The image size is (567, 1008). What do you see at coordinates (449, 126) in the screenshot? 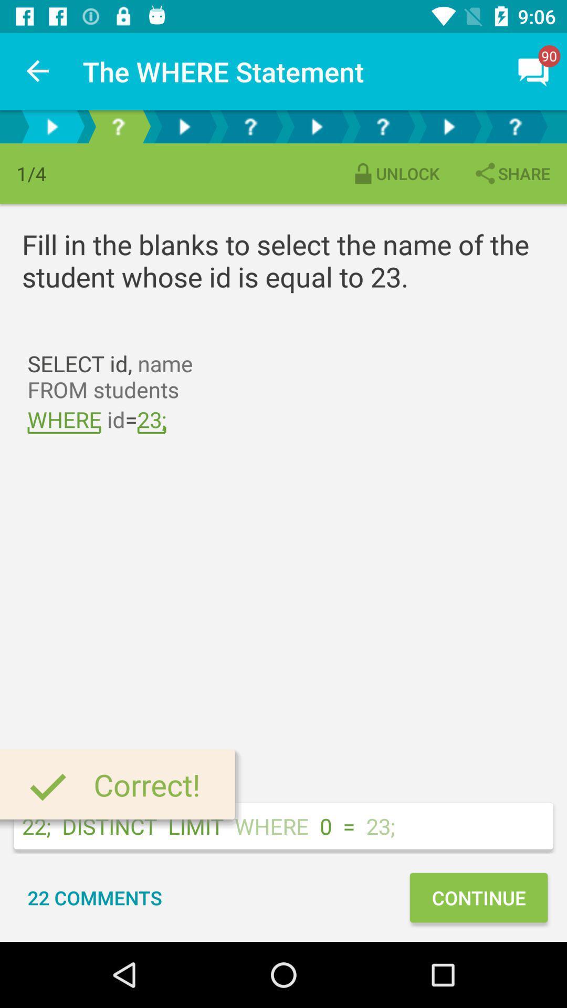
I see `next question` at bounding box center [449, 126].